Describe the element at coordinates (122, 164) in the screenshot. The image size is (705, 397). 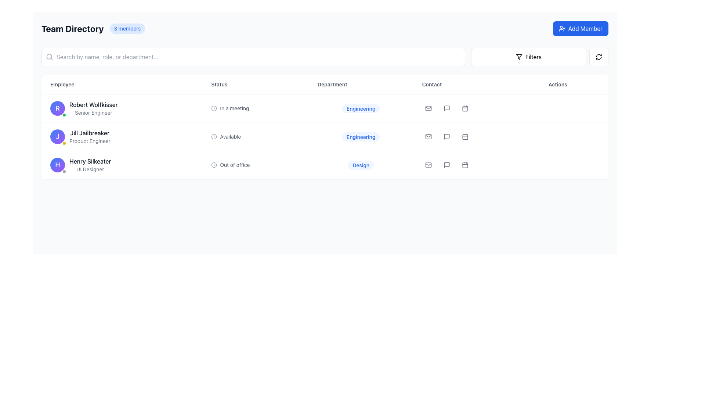
I see `the Profile Row in the Directory representing an individual in the team directory, located in the third row under the 'Employee' column` at that location.